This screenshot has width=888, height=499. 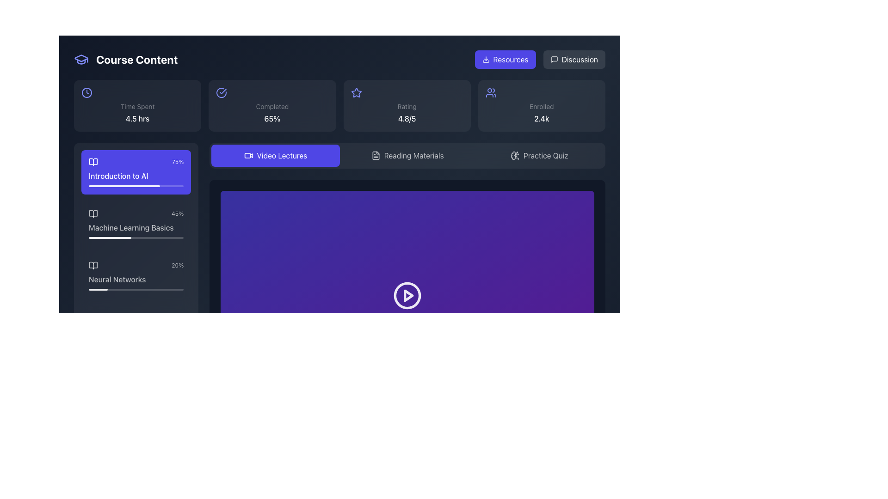 What do you see at coordinates (177, 186) in the screenshot?
I see `the progress bar` at bounding box center [177, 186].